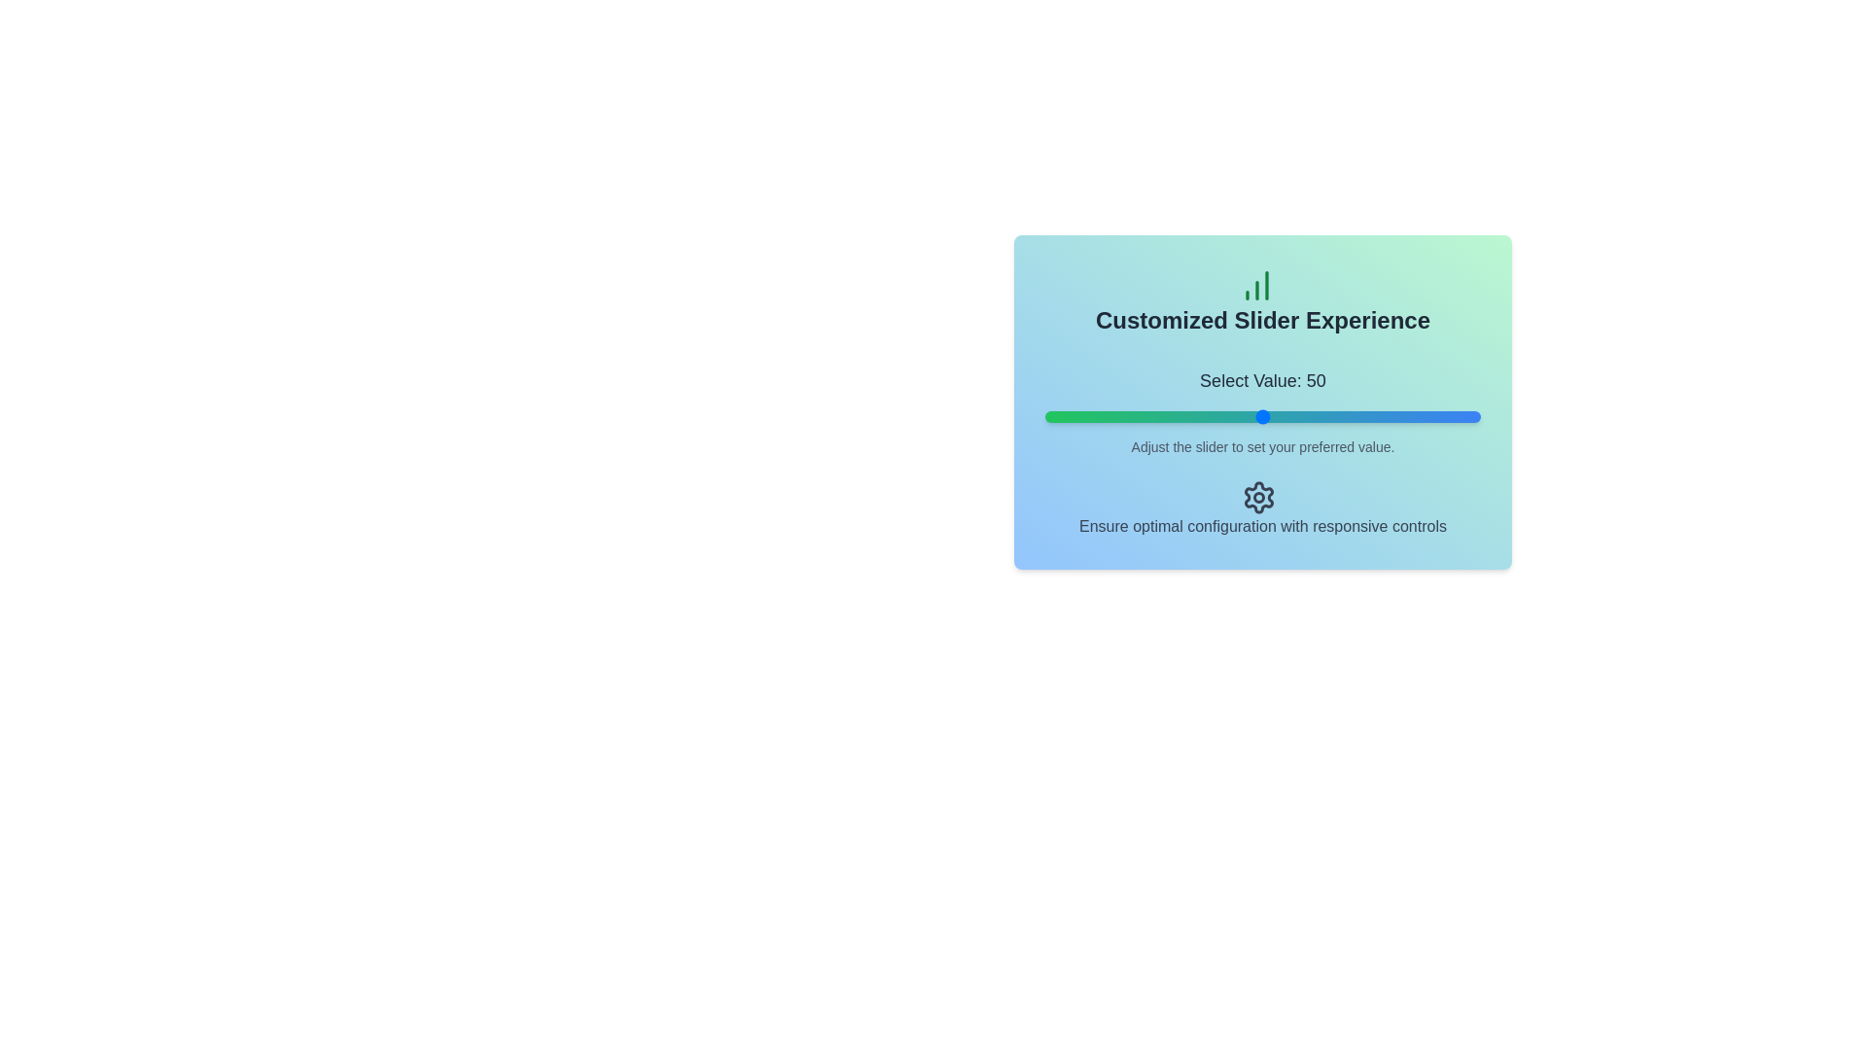 The image size is (1867, 1050). Describe the element at coordinates (1187, 415) in the screenshot. I see `the slider to set its value to 33` at that location.